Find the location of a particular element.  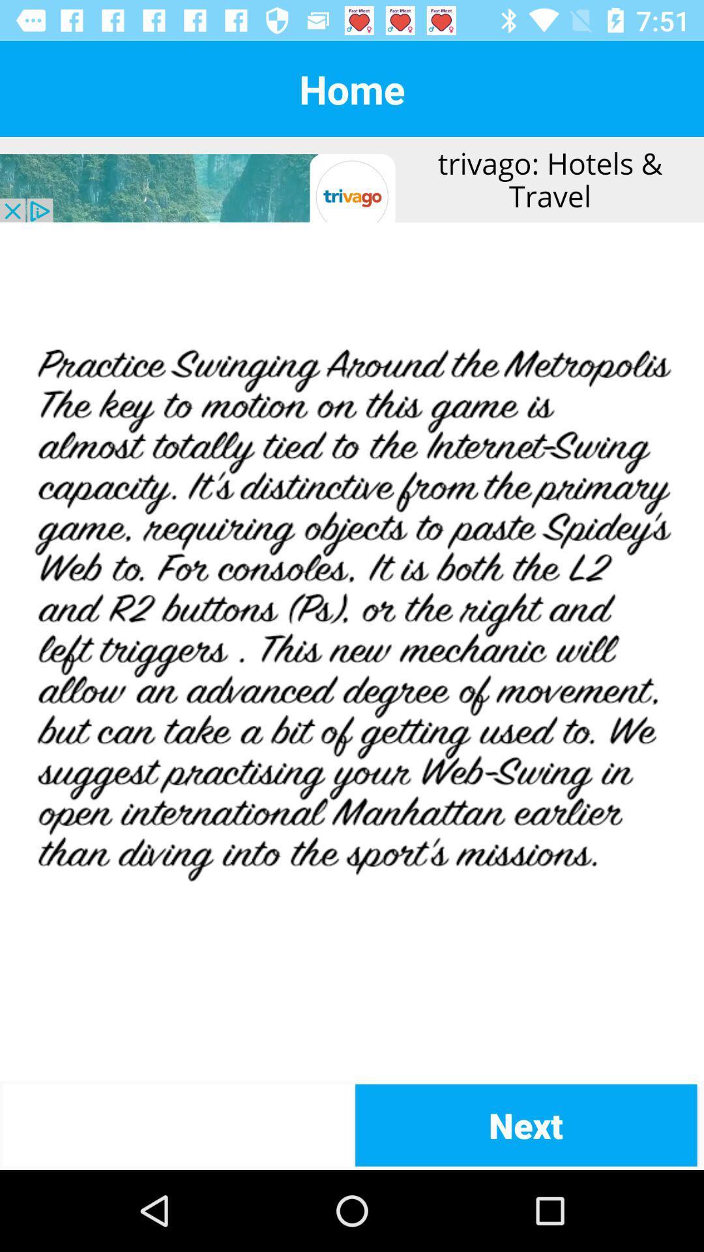

advertisement box is located at coordinates (352, 179).